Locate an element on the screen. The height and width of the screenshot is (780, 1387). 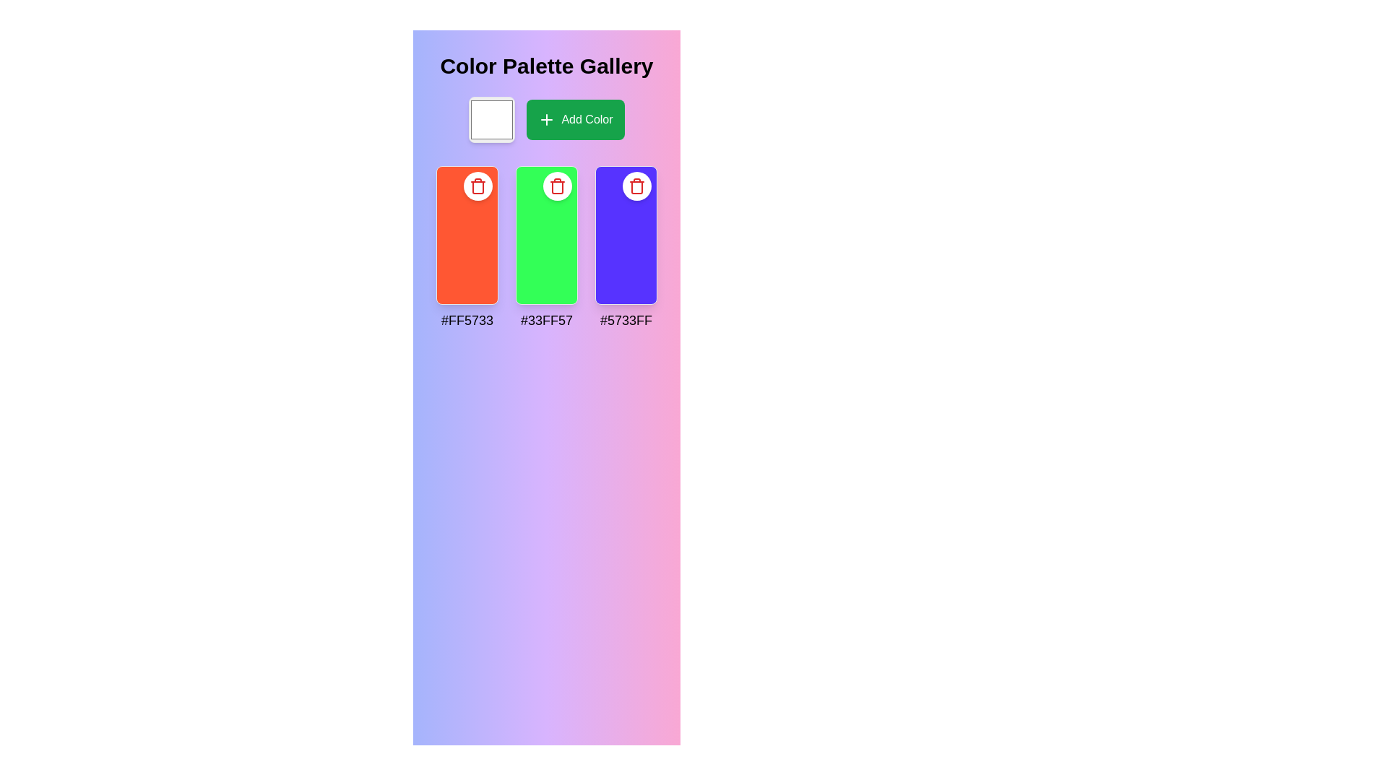
the label text displaying the hex color code located underneath the third color swatch in the horizontally aligned color palette is located at coordinates (626, 319).